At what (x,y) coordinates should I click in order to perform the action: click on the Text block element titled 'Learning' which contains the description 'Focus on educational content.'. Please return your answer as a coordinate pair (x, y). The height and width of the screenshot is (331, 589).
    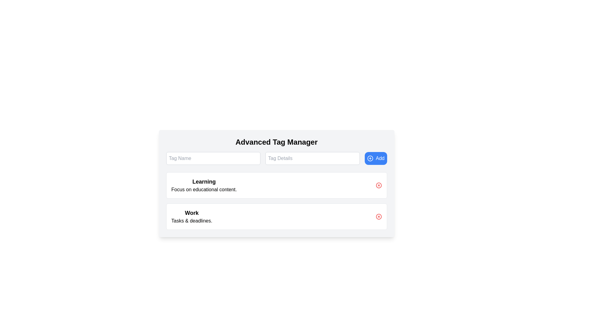
    Looking at the image, I should click on (204, 185).